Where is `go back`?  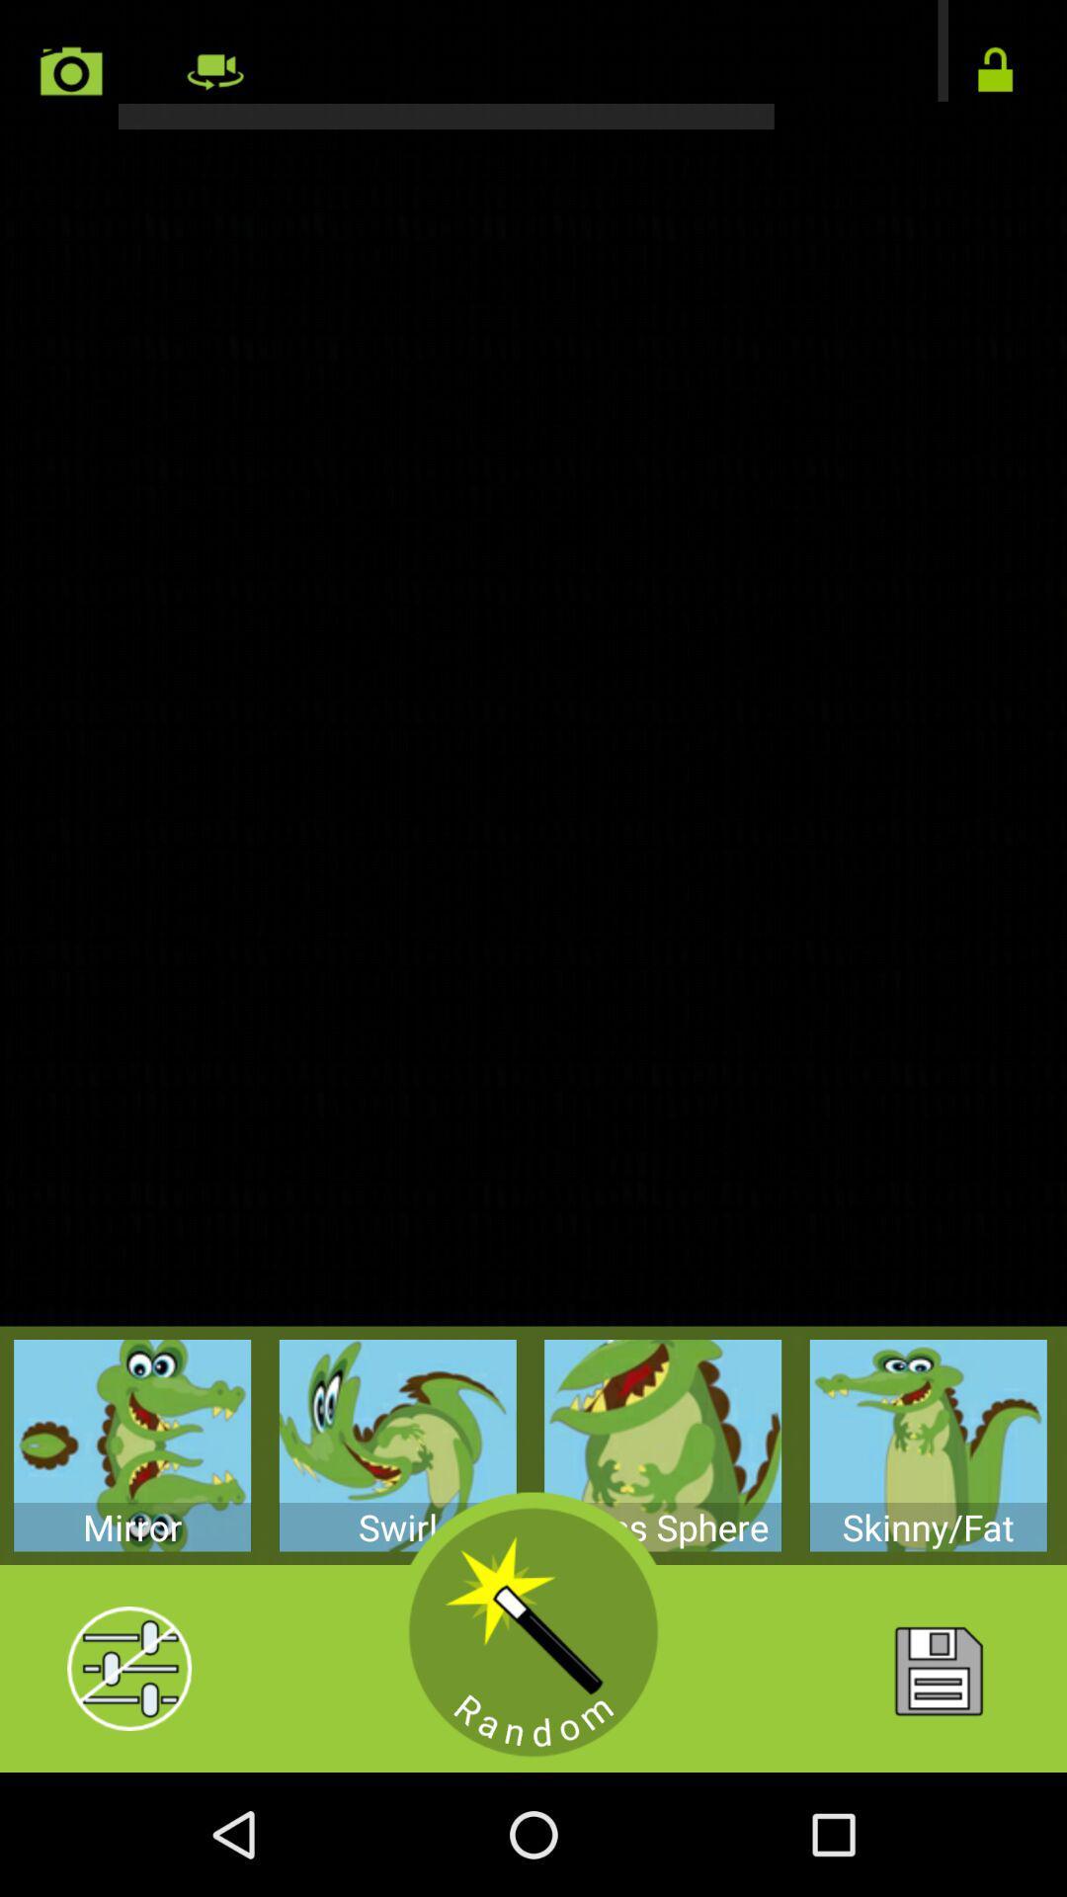 go back is located at coordinates (533, 64).